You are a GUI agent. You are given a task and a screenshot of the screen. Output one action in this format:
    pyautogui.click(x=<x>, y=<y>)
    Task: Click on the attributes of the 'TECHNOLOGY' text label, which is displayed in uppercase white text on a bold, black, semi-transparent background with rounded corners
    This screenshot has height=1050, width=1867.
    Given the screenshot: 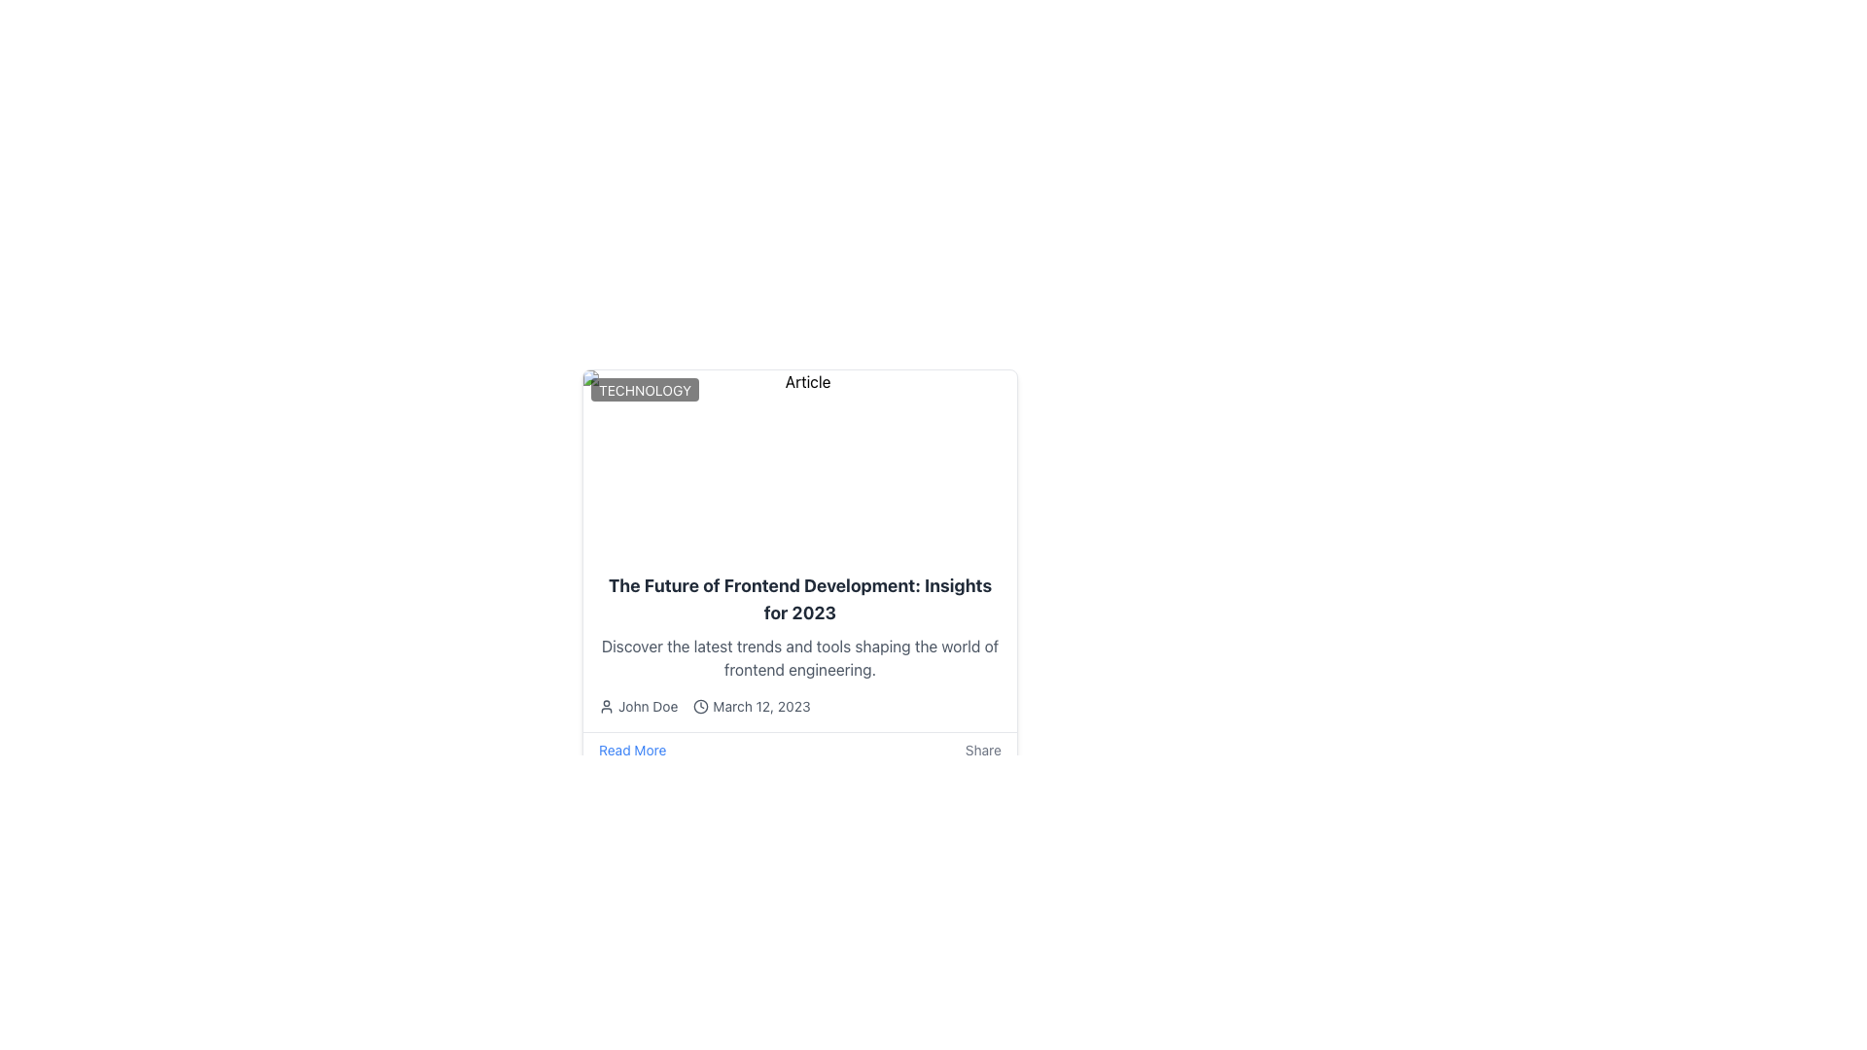 What is the action you would take?
    pyautogui.click(x=645, y=390)
    